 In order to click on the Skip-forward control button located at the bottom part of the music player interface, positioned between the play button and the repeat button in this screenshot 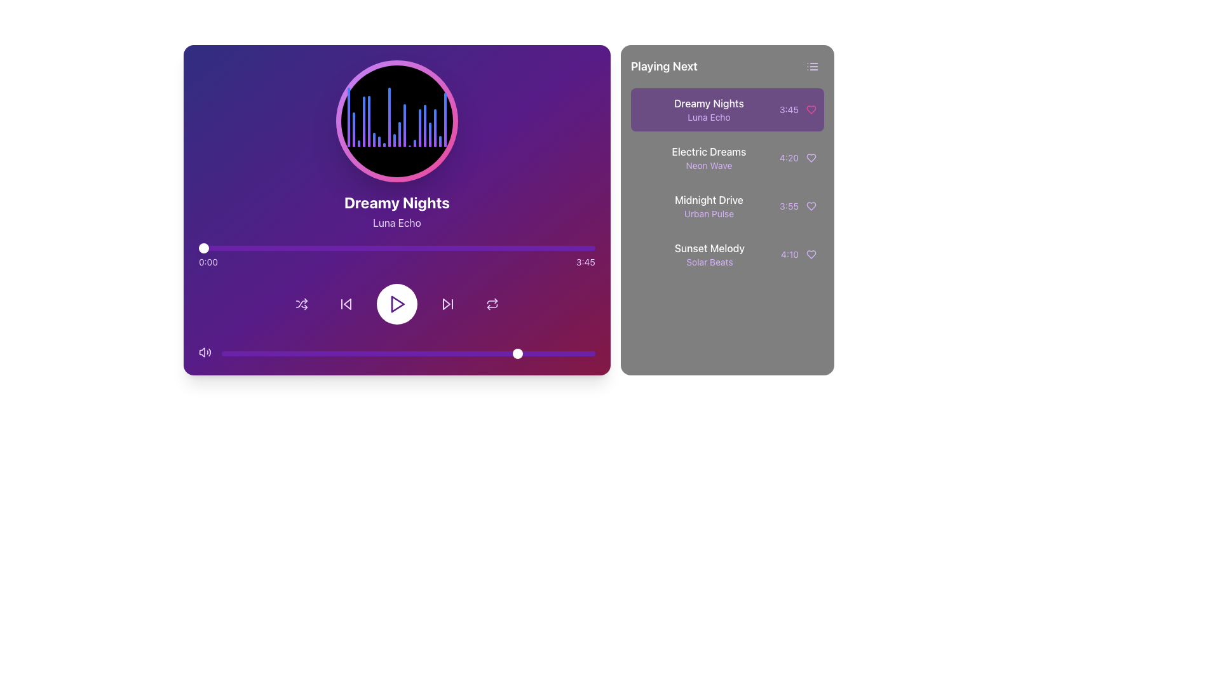, I will do `click(448, 304)`.